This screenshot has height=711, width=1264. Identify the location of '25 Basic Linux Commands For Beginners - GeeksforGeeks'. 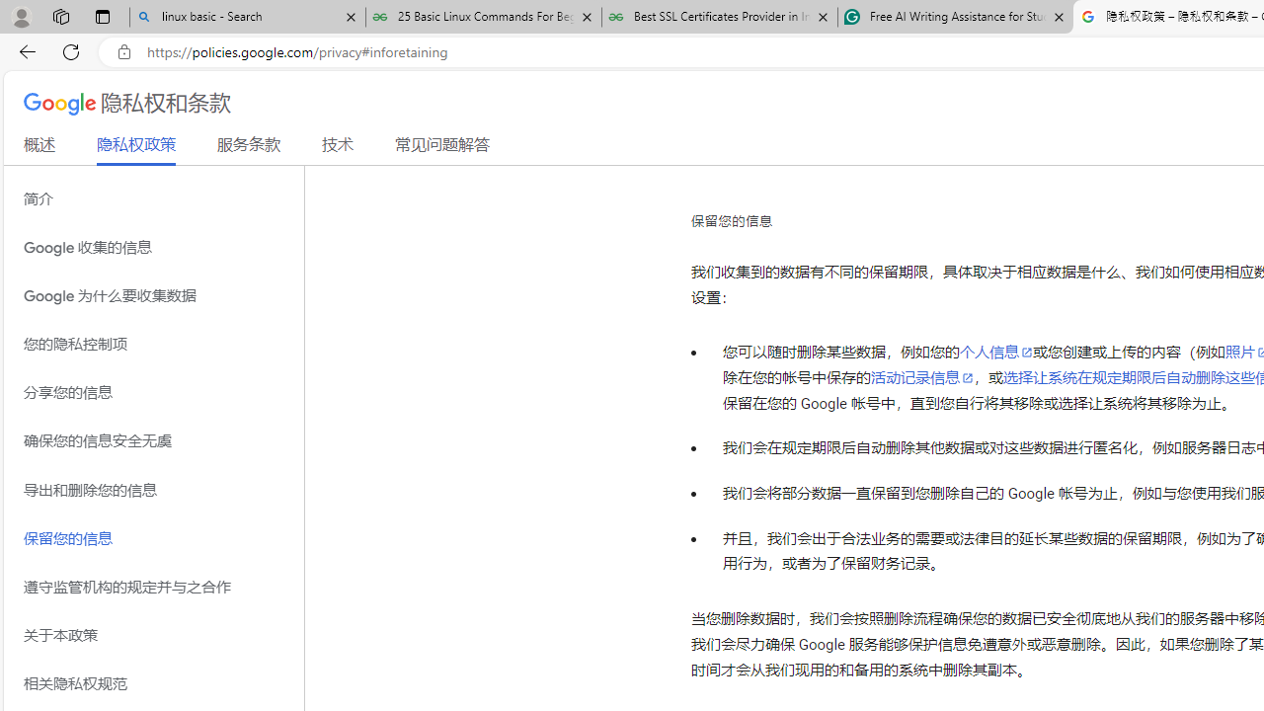
(484, 17).